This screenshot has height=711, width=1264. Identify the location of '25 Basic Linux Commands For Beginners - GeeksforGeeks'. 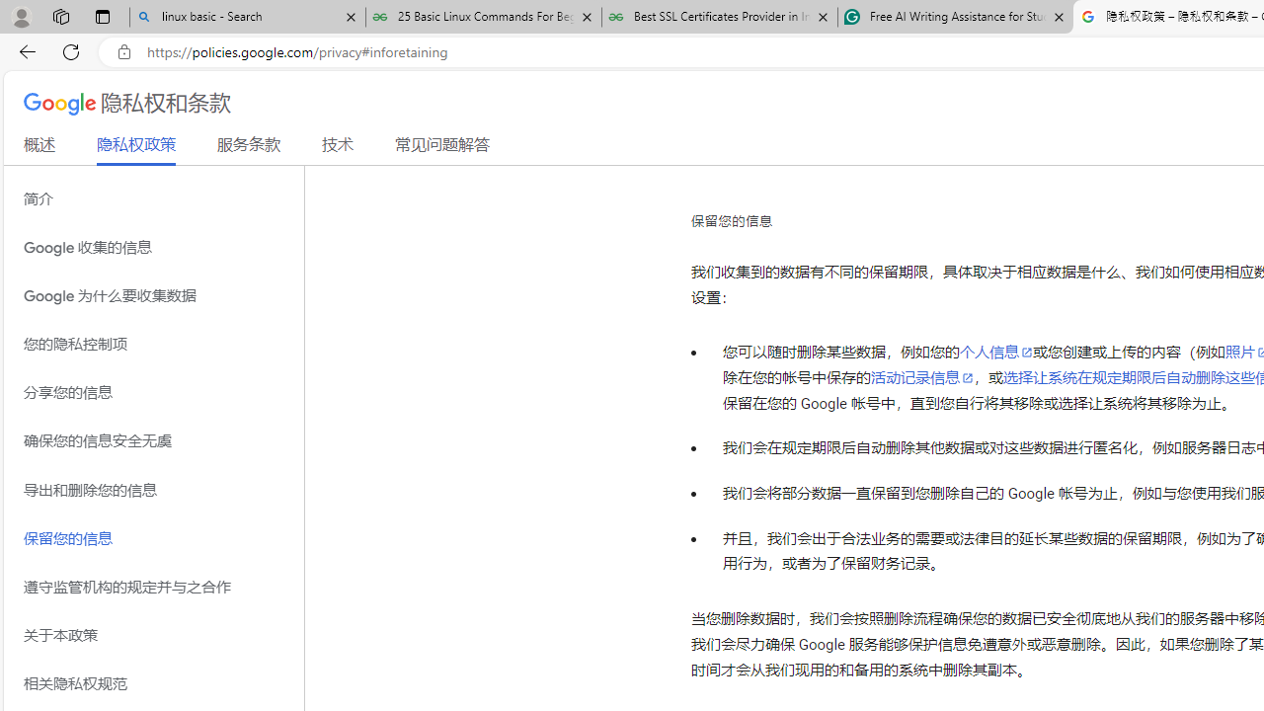
(484, 17).